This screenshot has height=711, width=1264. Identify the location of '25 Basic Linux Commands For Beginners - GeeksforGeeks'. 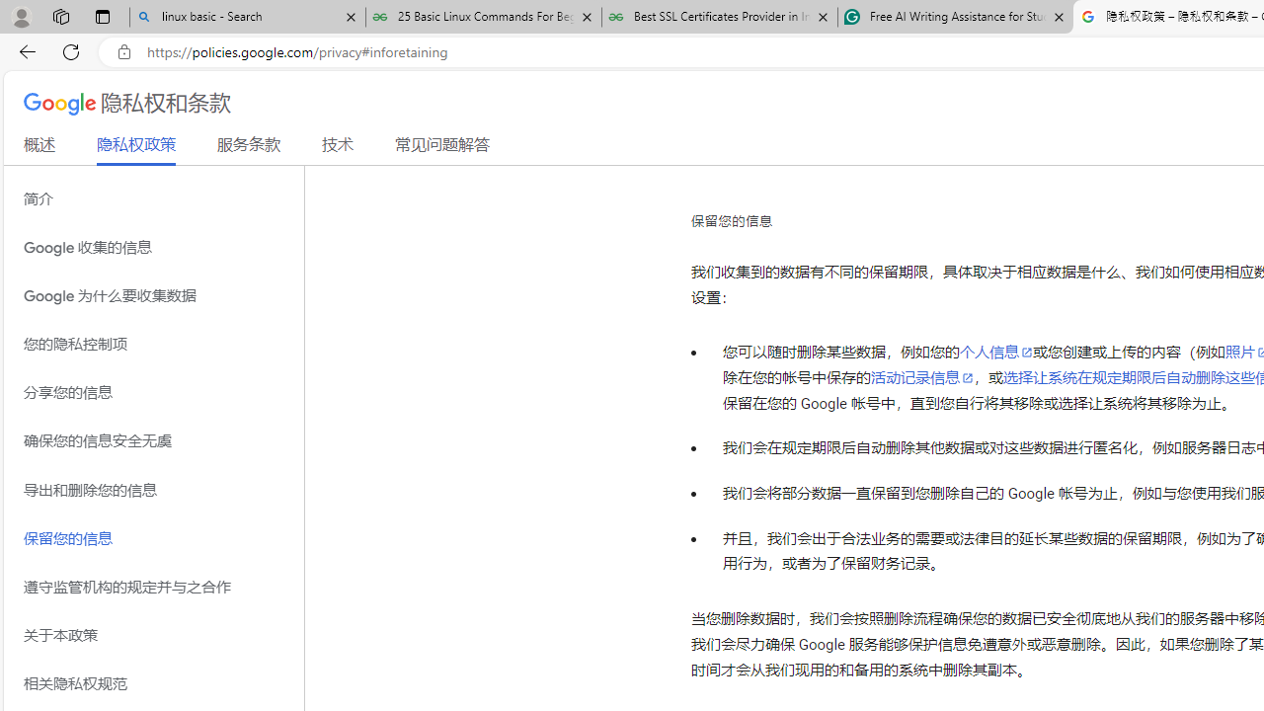
(484, 17).